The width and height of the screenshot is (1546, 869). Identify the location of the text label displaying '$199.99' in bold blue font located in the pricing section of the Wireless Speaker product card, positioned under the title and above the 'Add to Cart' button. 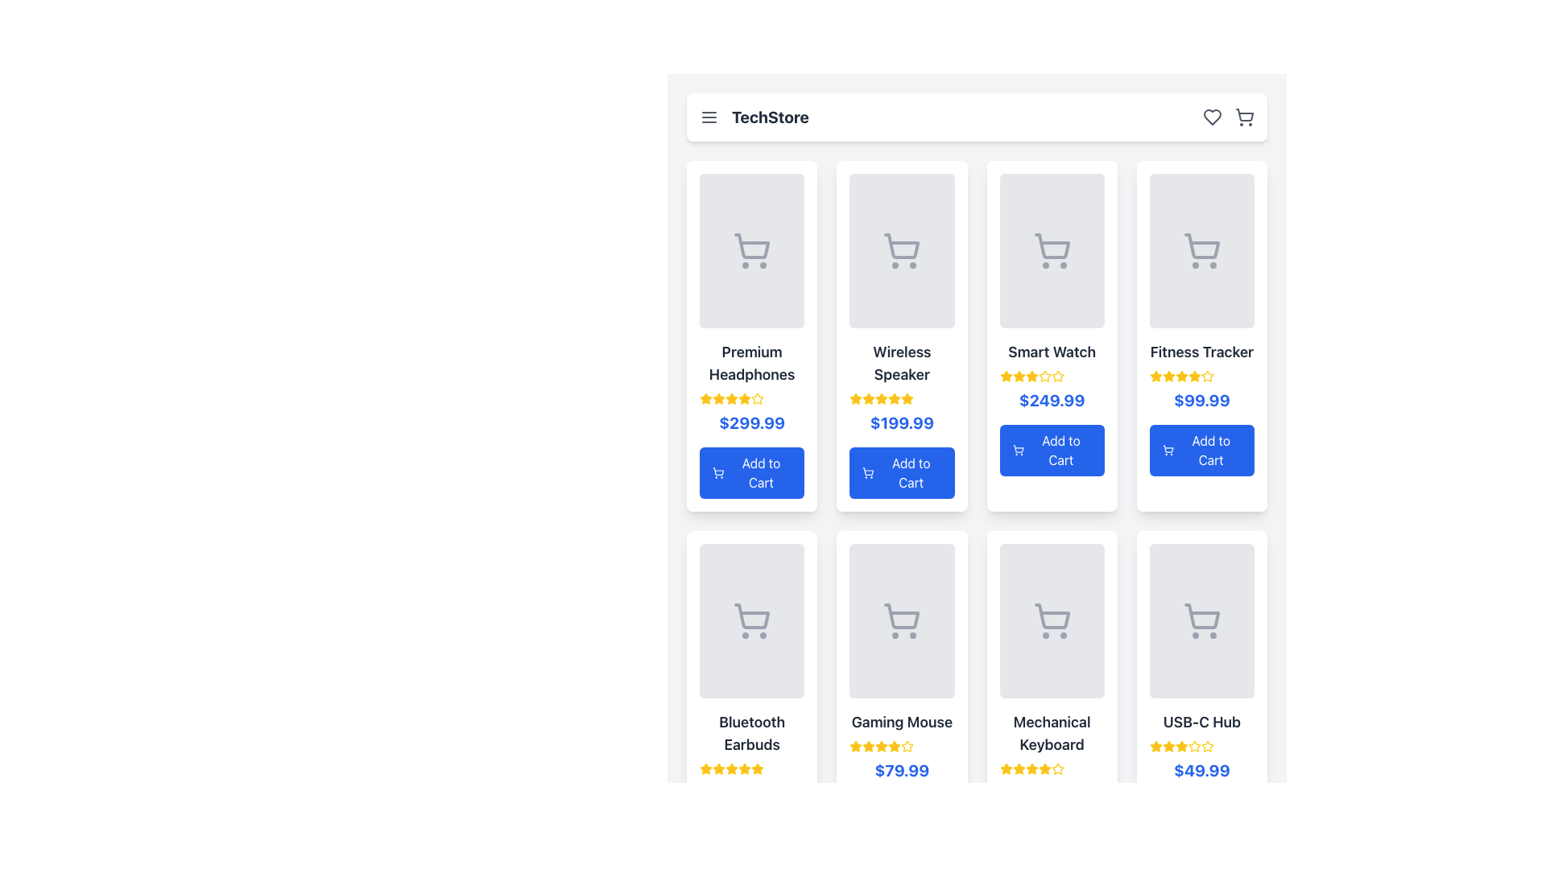
(902, 422).